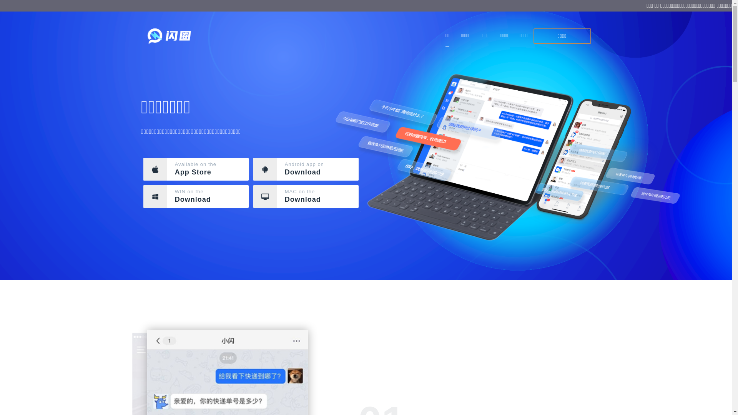 Image resolution: width=738 pixels, height=415 pixels. What do you see at coordinates (143, 196) in the screenshot?
I see `'WIN on the` at bounding box center [143, 196].